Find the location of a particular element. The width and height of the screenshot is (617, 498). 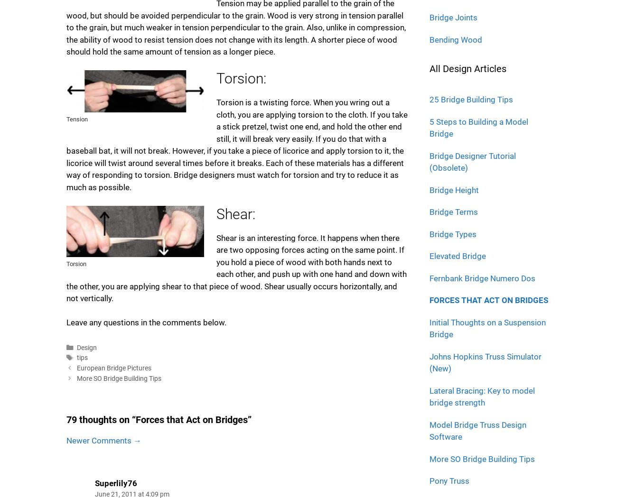

'Shear is an interesting force. It happens when there are two opposing forces acting on the same point. If you hold a piece of wood with both hands next to each other, and push up with one hand and down with the other, you are applying shear to that piece of wood. Shear usually occurs horizontally, and not vertically.' is located at coordinates (236, 267).